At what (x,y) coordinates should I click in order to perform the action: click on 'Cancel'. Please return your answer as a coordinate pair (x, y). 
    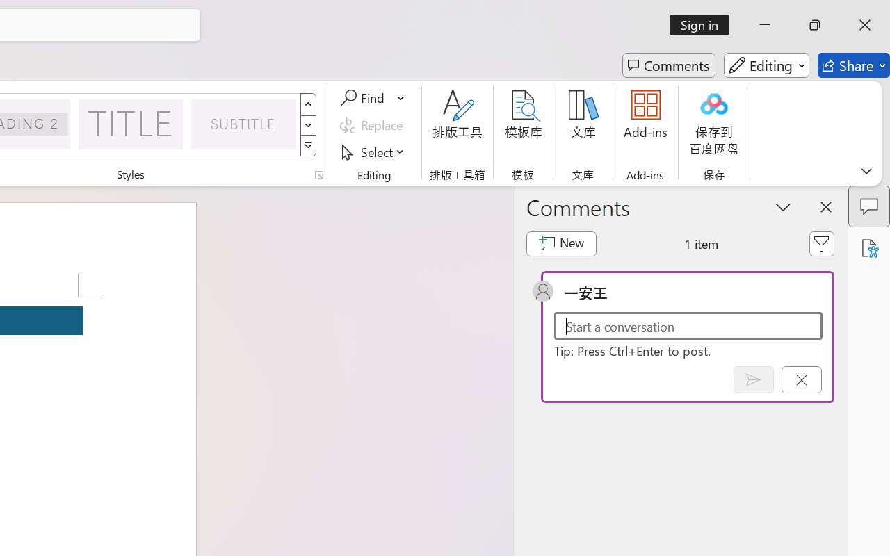
    Looking at the image, I should click on (801, 379).